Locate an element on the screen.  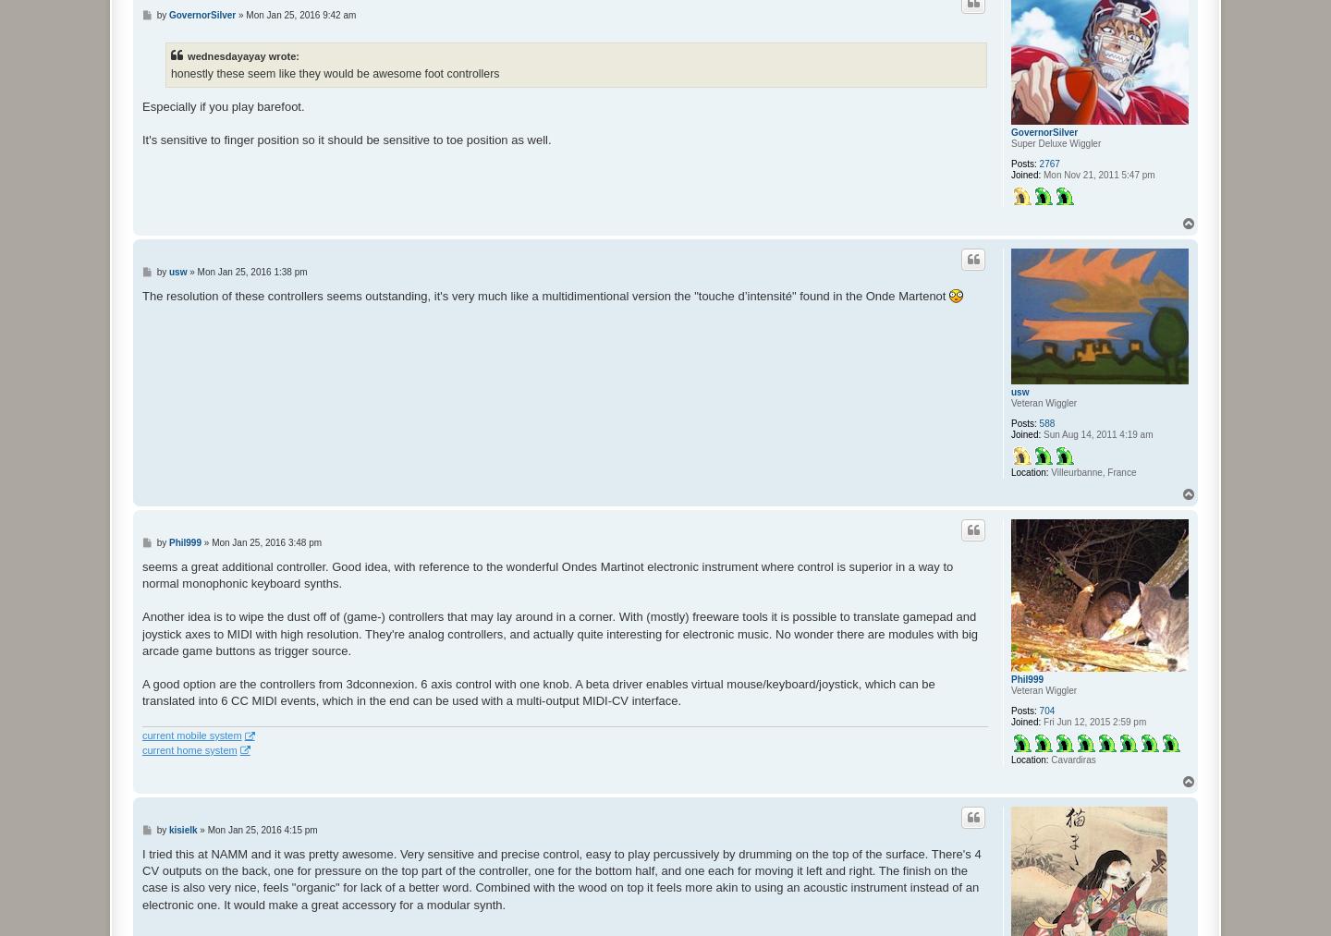
'current mobile system' is located at coordinates (191, 735).